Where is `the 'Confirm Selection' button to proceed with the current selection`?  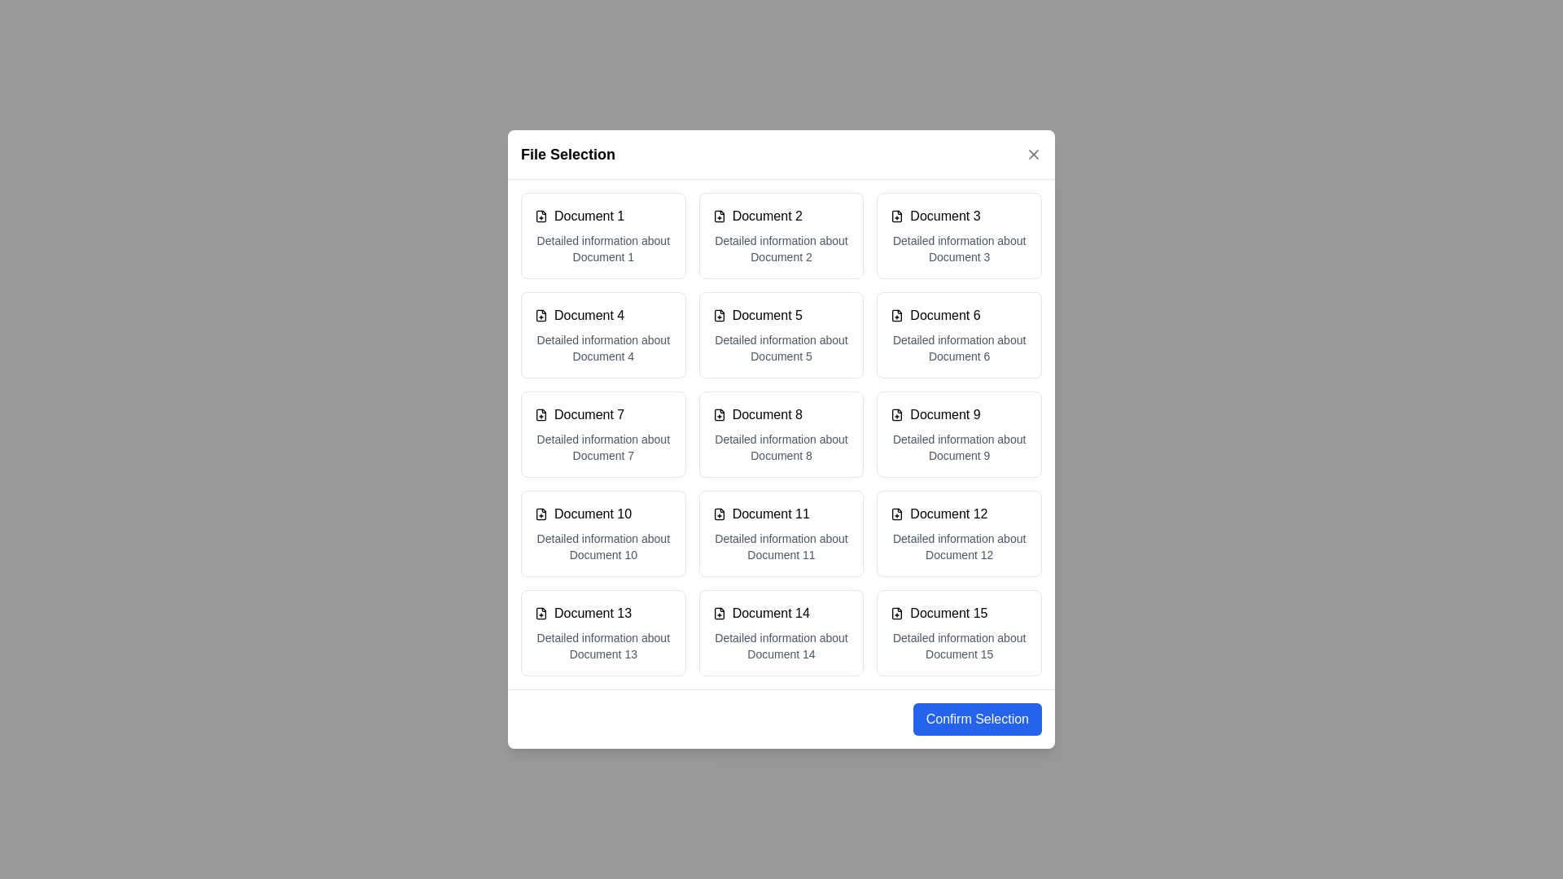
the 'Confirm Selection' button to proceed with the current selection is located at coordinates (977, 718).